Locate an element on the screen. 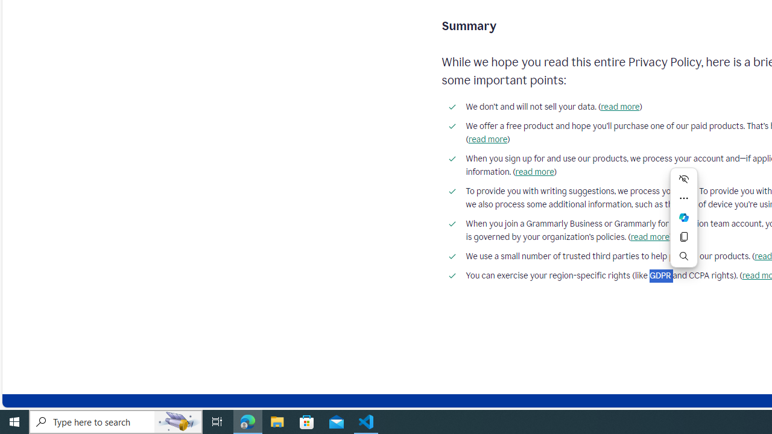 Image resolution: width=772 pixels, height=434 pixels. 'Copy' is located at coordinates (684, 237).